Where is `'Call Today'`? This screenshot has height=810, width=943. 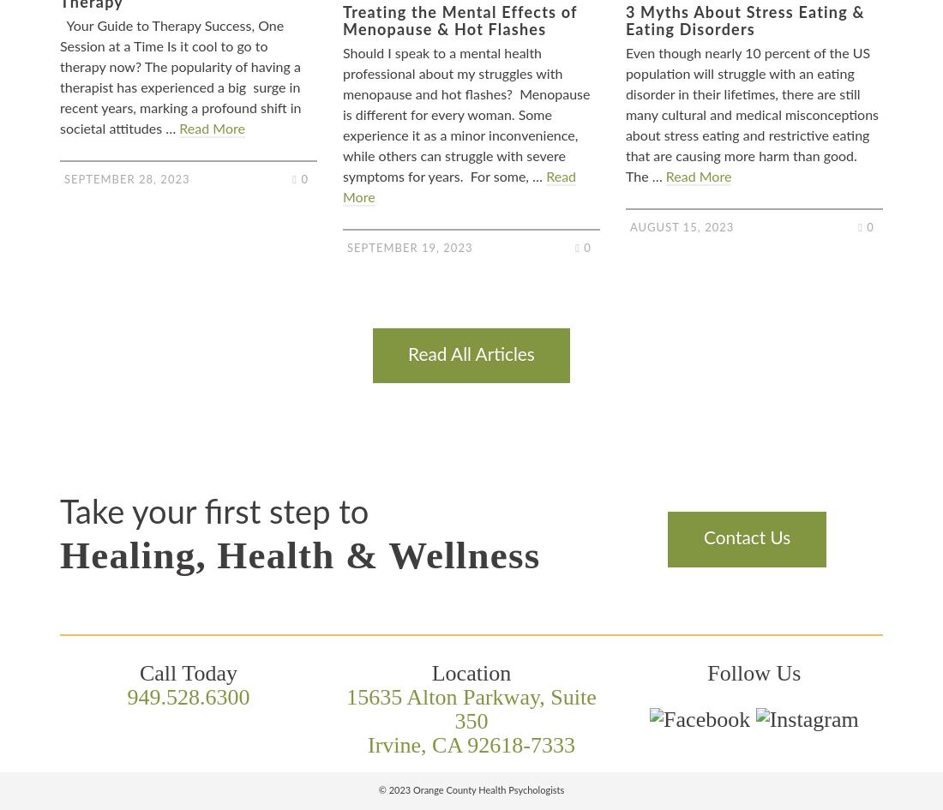 'Call Today' is located at coordinates (188, 672).